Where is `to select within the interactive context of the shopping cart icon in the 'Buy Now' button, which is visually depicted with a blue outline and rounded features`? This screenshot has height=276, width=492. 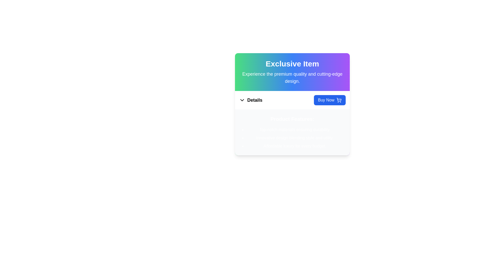 to select within the interactive context of the shopping cart icon in the 'Buy Now' button, which is visually depicted with a blue outline and rounded features is located at coordinates (339, 99).